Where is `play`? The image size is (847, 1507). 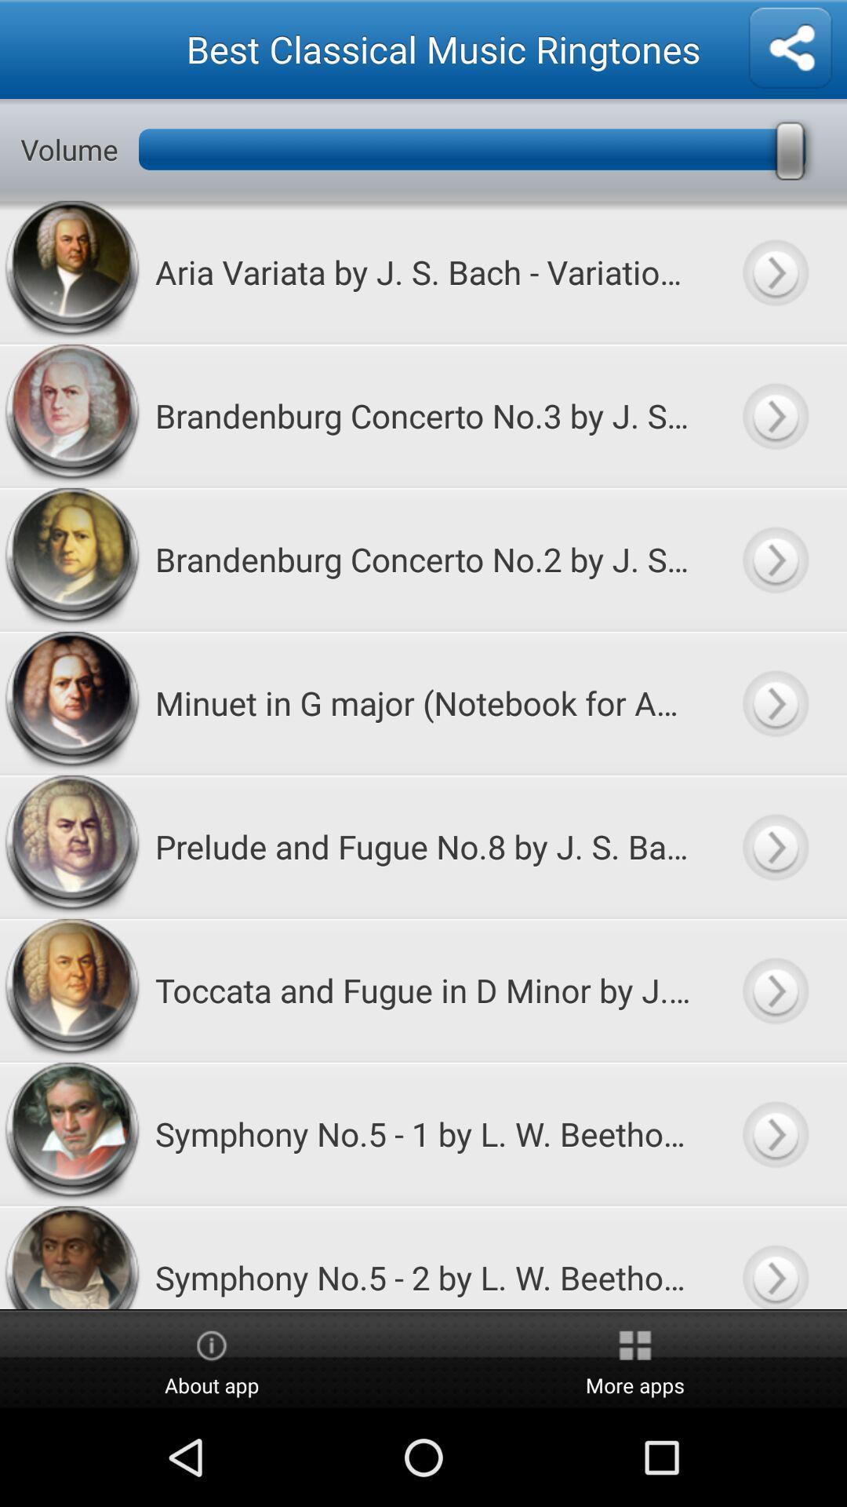
play is located at coordinates (774, 989).